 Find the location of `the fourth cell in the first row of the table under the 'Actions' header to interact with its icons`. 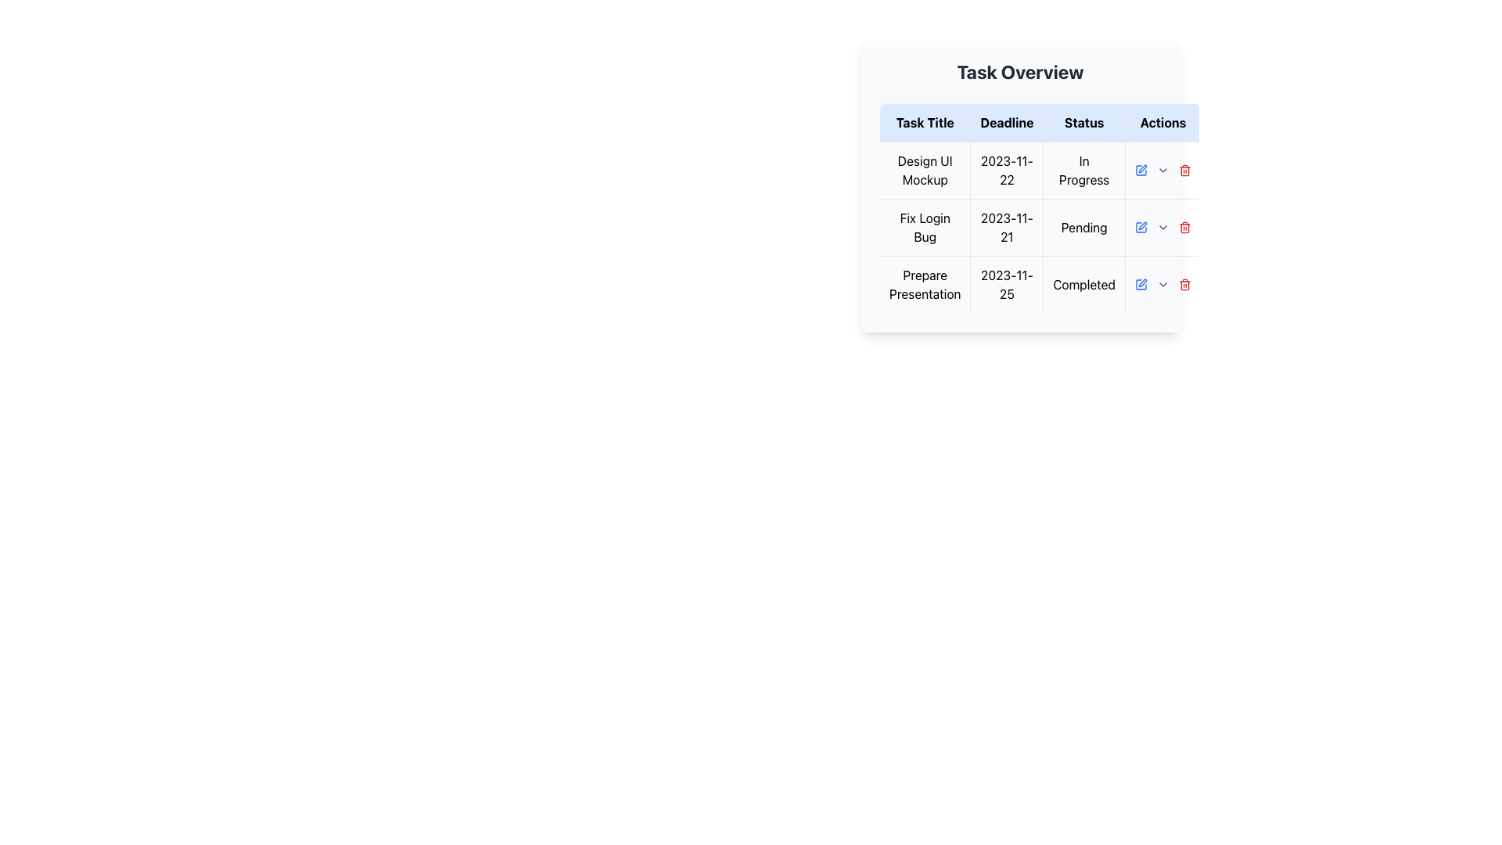

the fourth cell in the first row of the table under the 'Actions' header to interact with its icons is located at coordinates (1163, 171).